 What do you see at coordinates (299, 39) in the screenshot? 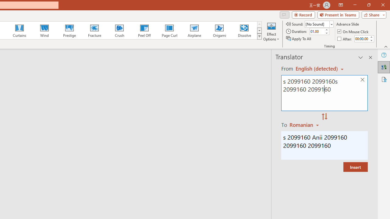
I see `'Apply To All'` at bounding box center [299, 39].